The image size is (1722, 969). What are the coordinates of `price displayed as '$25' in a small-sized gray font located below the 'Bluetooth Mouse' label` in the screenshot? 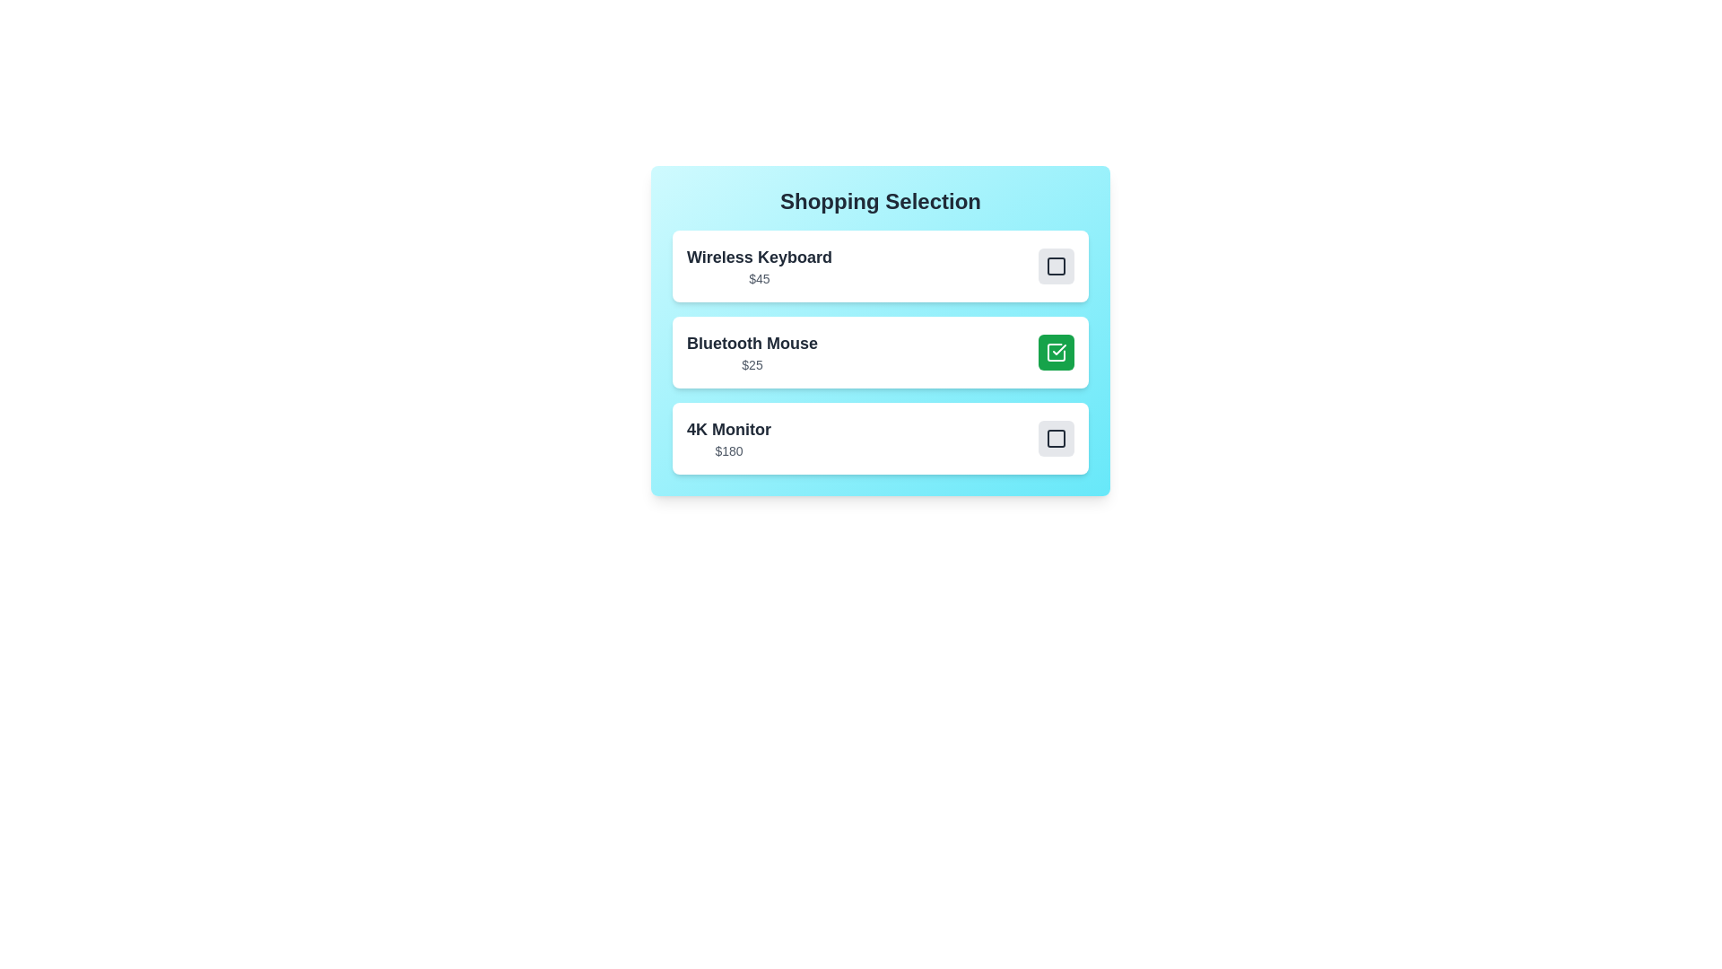 It's located at (752, 364).